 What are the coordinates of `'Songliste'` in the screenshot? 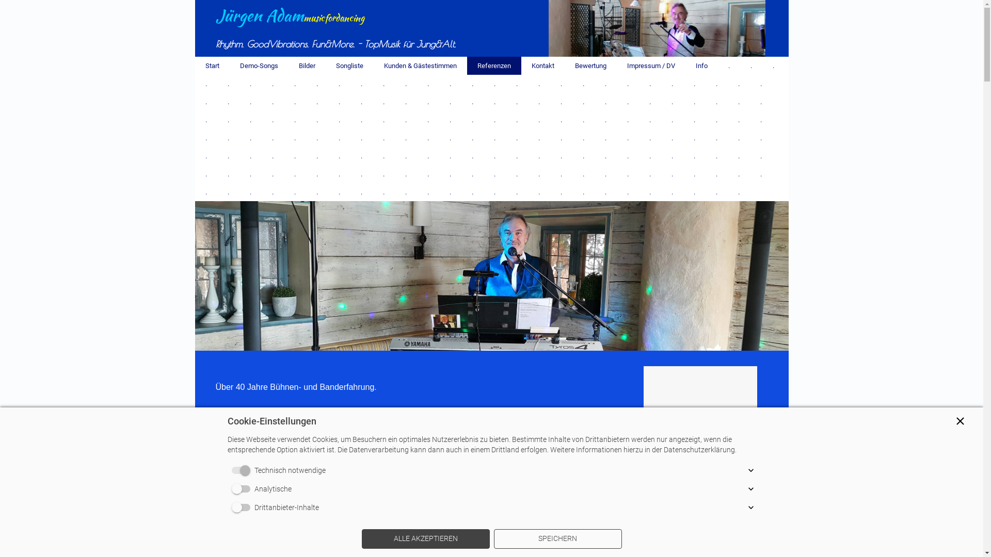 It's located at (349, 65).